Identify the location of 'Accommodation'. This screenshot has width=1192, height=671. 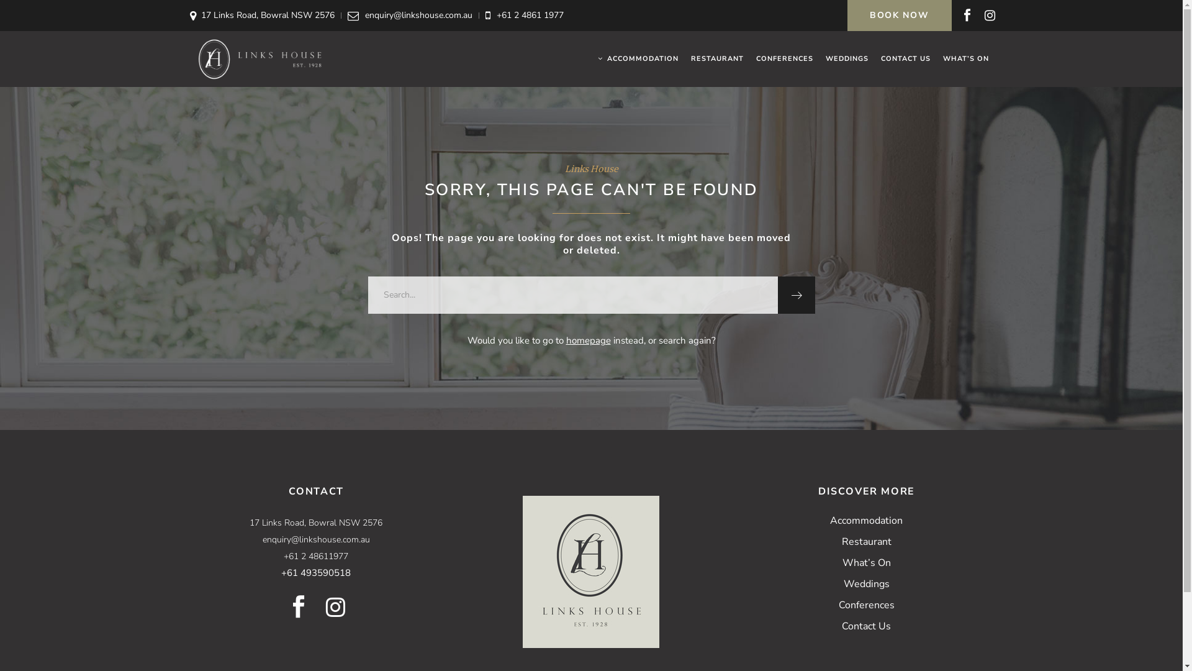
(865, 520).